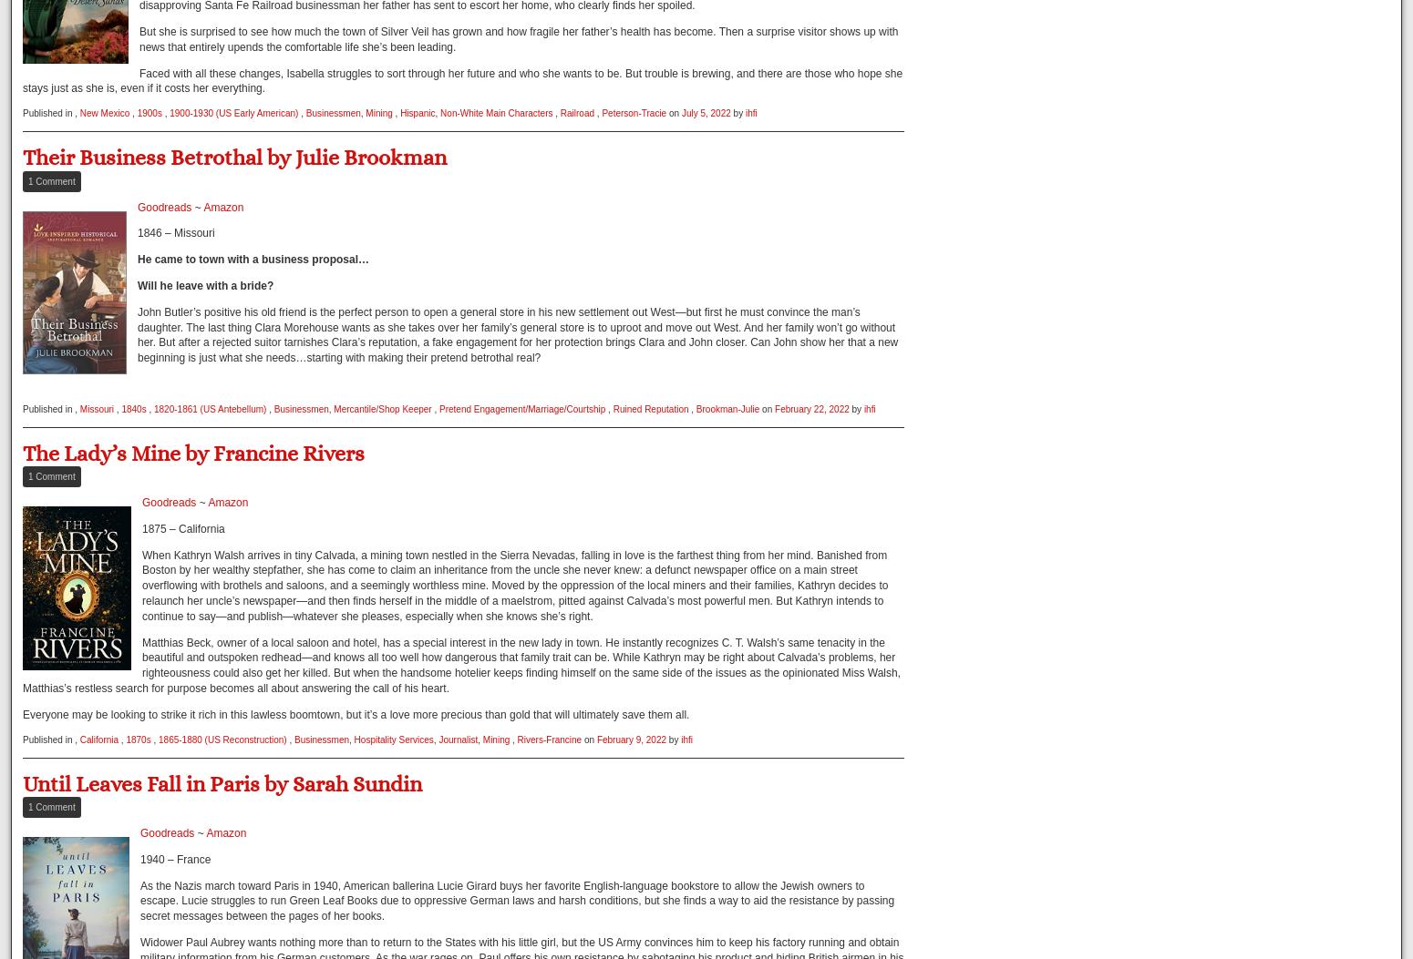 Image resolution: width=1413 pixels, height=959 pixels. What do you see at coordinates (104, 113) in the screenshot?
I see `'New Mexico'` at bounding box center [104, 113].